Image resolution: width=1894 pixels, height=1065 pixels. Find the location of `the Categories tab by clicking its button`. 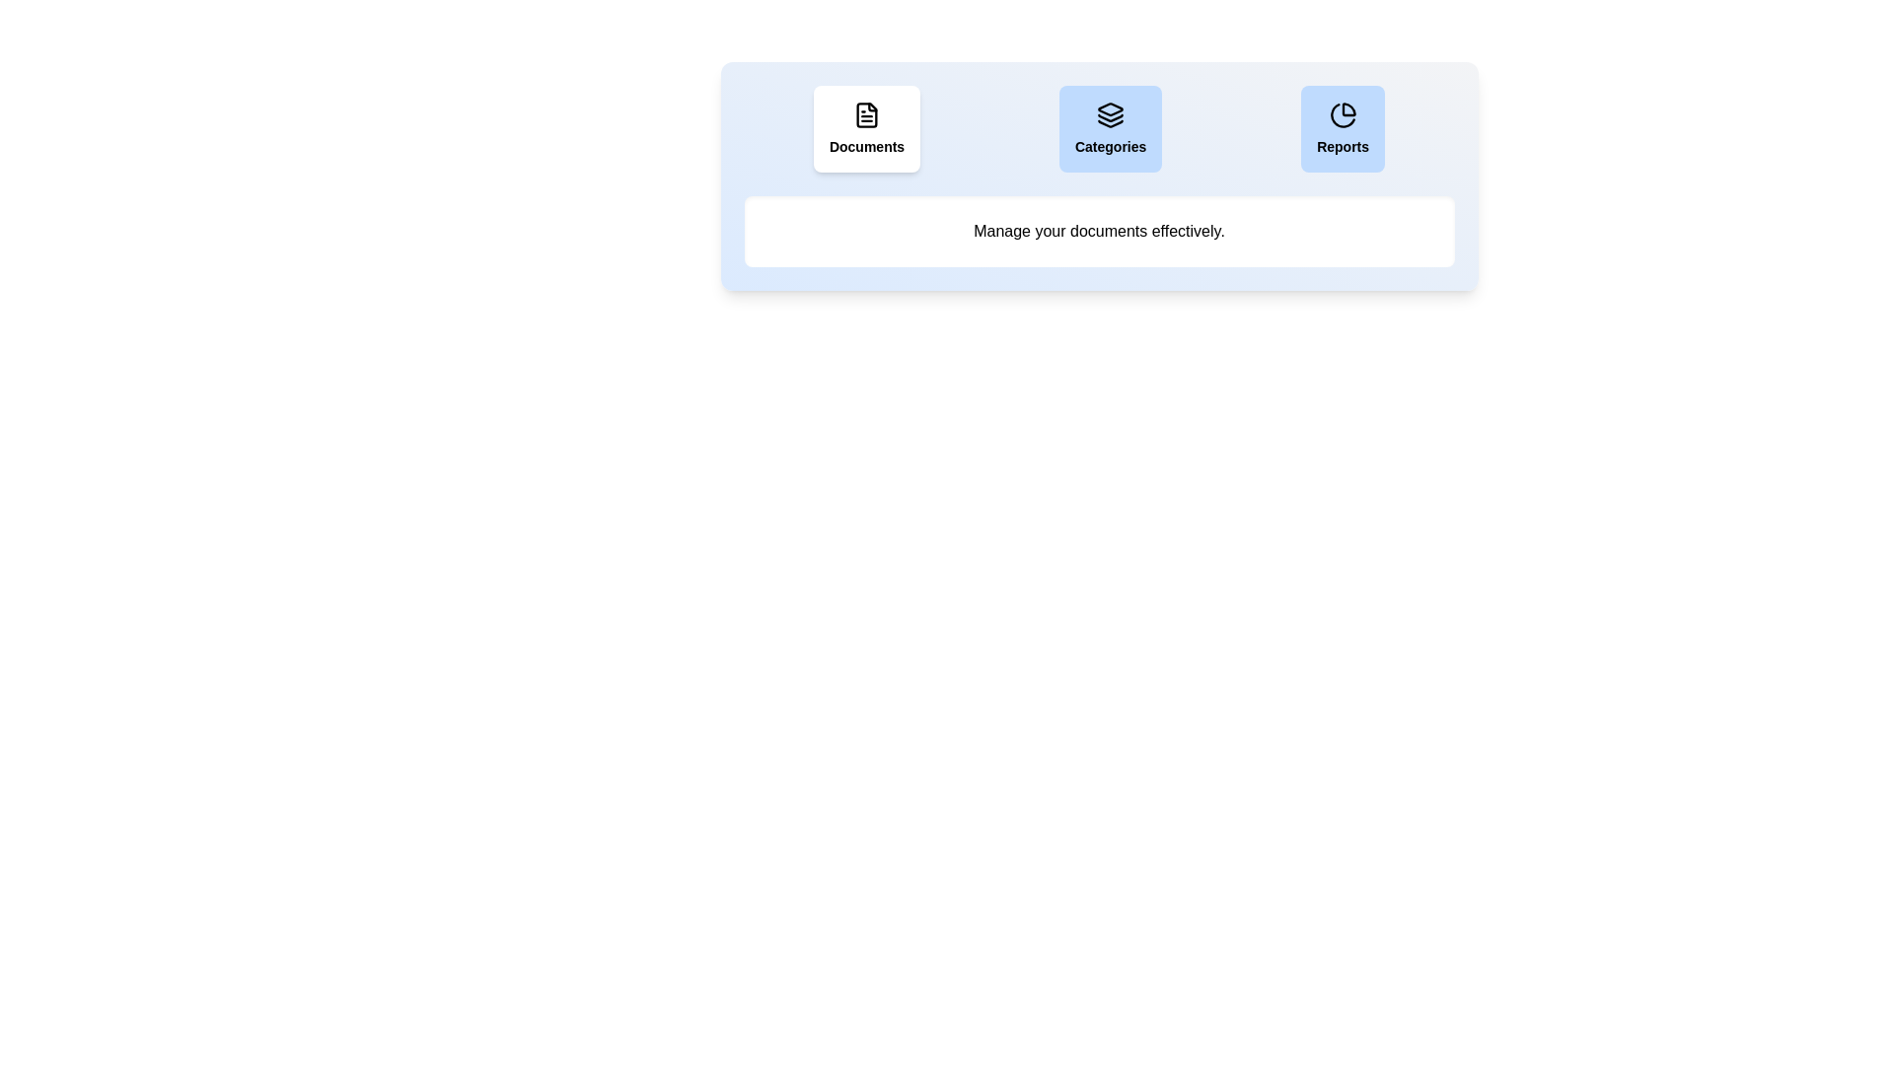

the Categories tab by clicking its button is located at coordinates (1111, 129).